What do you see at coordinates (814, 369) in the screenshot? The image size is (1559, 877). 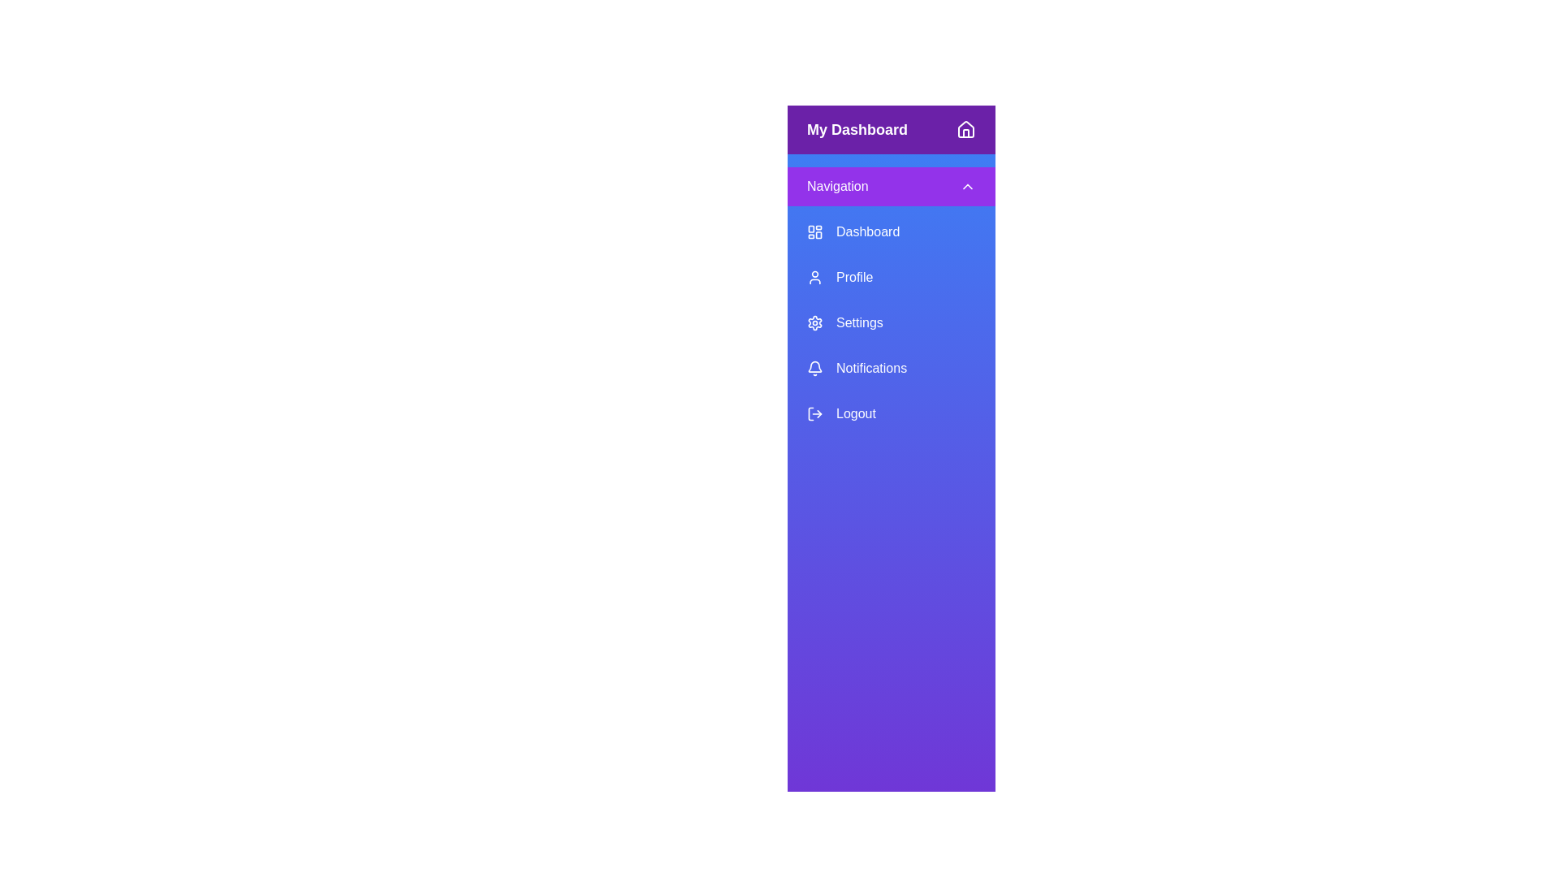 I see `the bell icon in the Notifications section of the left-hand navigation menu` at bounding box center [814, 369].